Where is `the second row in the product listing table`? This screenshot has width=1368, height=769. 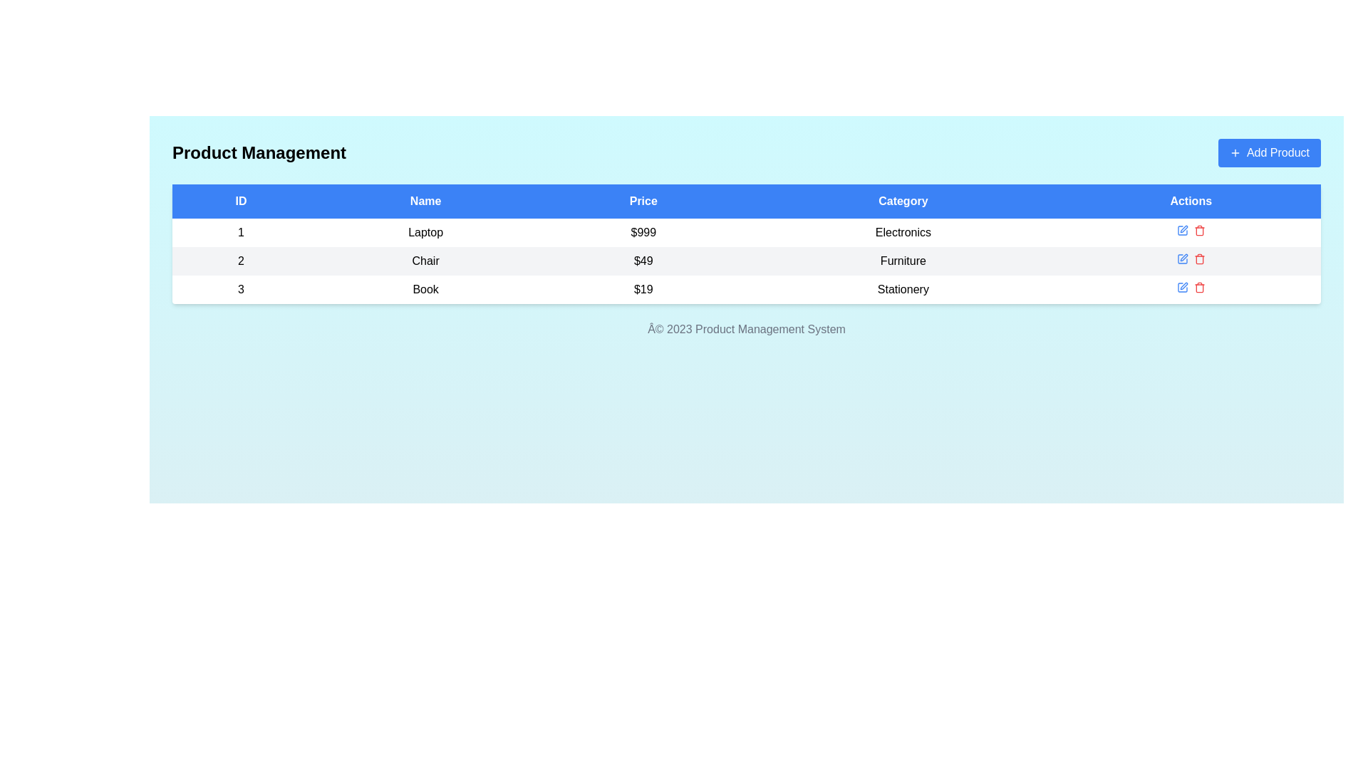 the second row in the product listing table is located at coordinates (745, 261).